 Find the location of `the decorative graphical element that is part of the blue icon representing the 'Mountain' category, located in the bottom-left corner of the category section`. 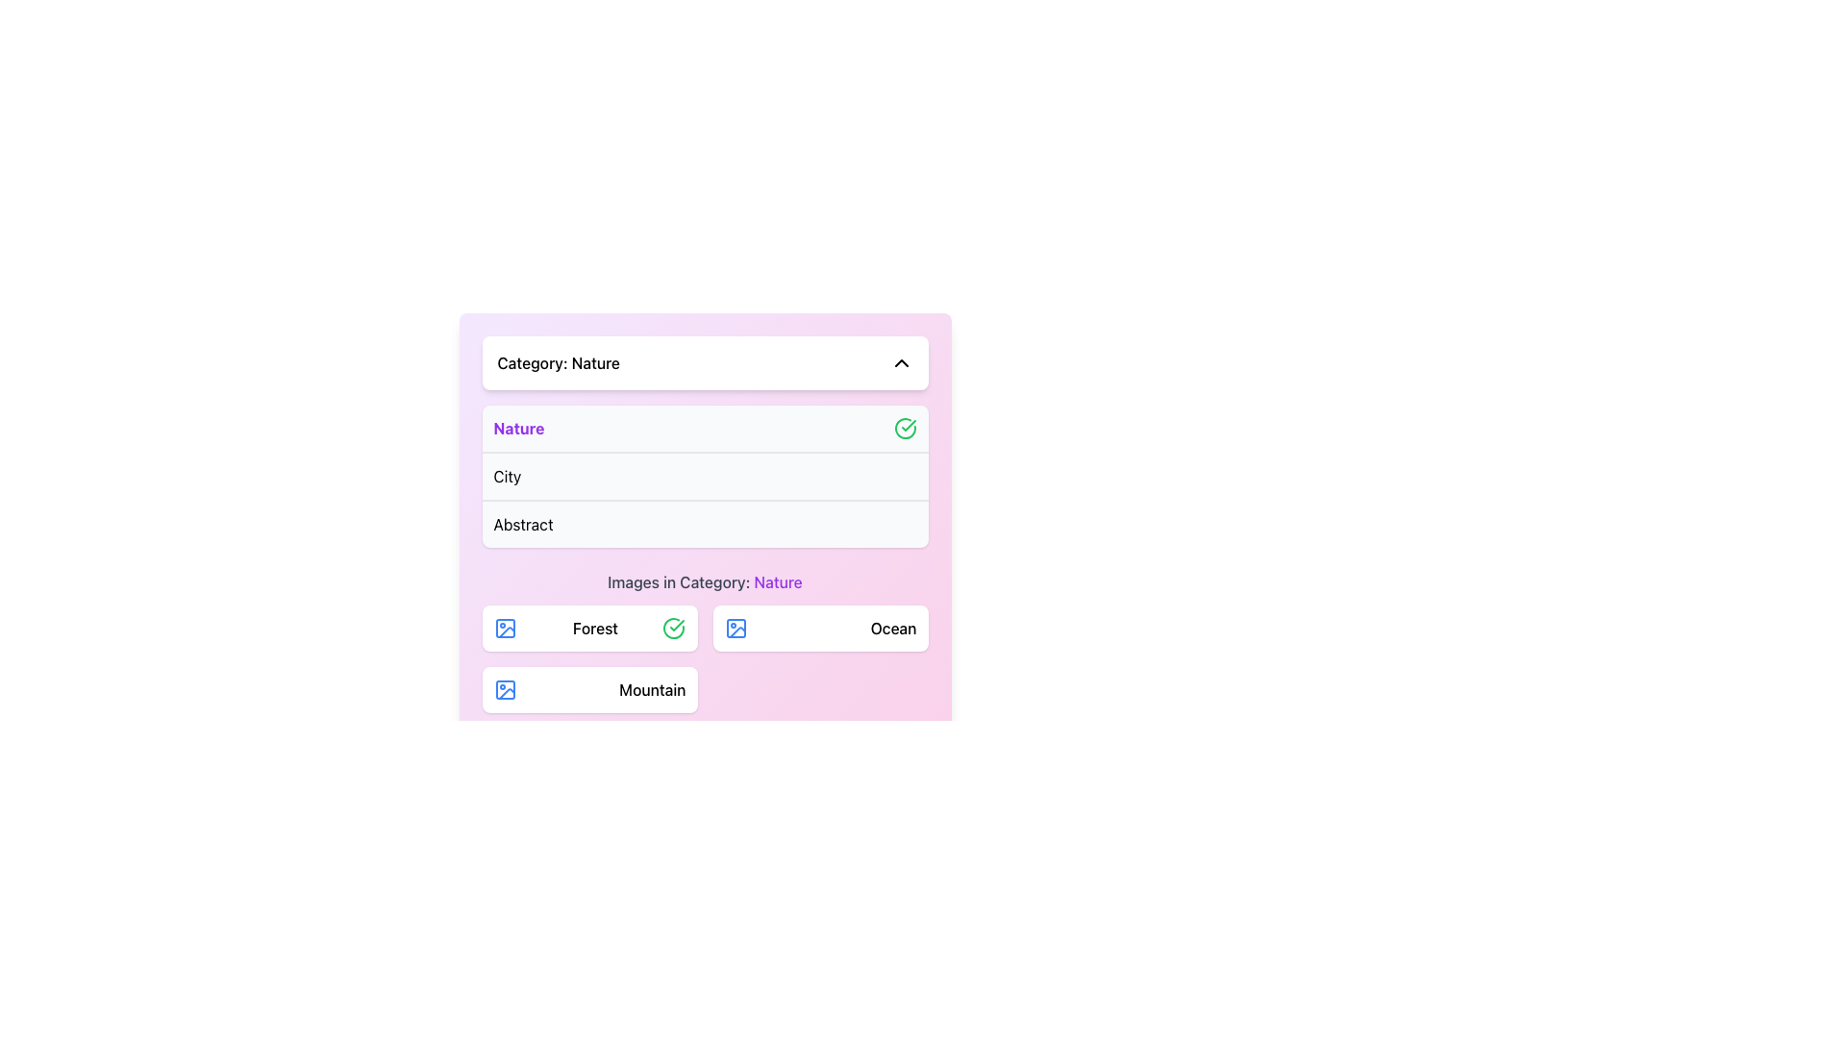

the decorative graphical element that is part of the blue icon representing the 'Mountain' category, located in the bottom-left corner of the category section is located at coordinates (505, 688).